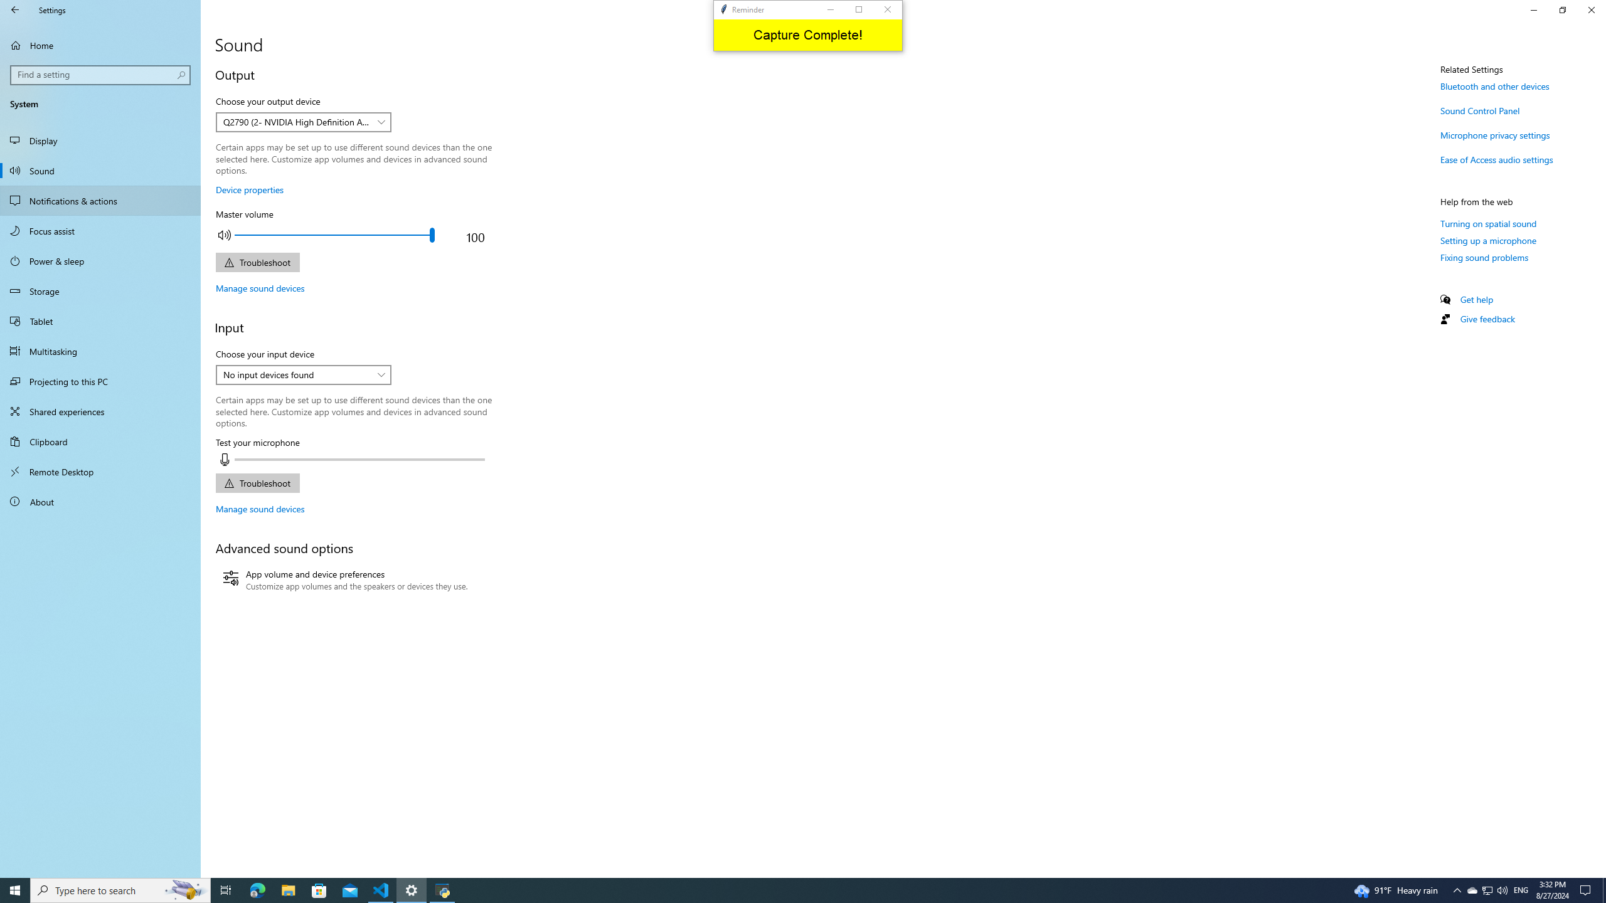 Image resolution: width=1606 pixels, height=903 pixels. Describe the element at coordinates (334, 235) in the screenshot. I see `'Adjust the master output volume'` at that location.